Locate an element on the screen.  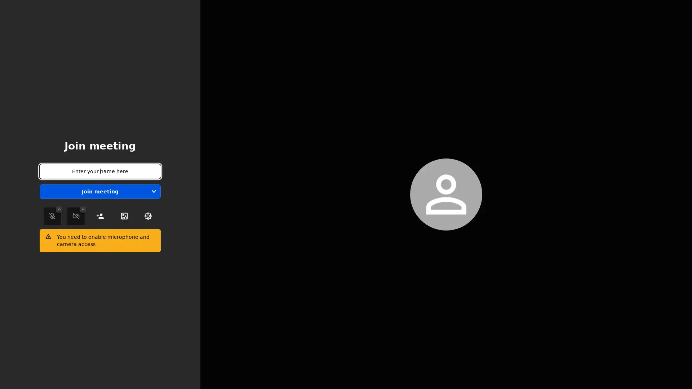
Toggle settings is located at coordinates (148, 216).